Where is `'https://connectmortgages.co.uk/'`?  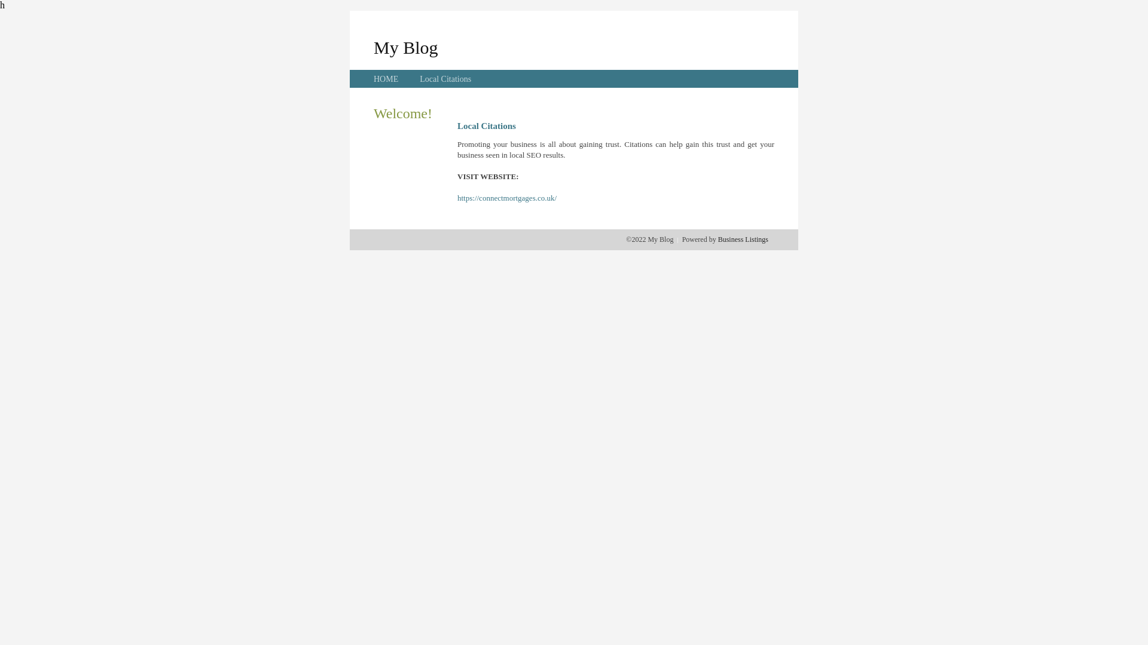
'https://connectmortgages.co.uk/' is located at coordinates (456, 197).